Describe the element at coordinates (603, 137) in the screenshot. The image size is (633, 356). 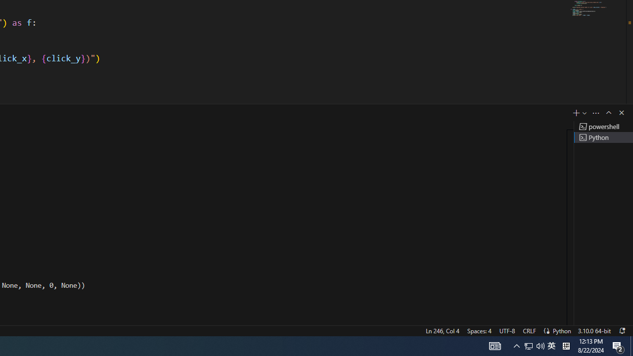
I see `'Terminal 2 Python'` at that location.